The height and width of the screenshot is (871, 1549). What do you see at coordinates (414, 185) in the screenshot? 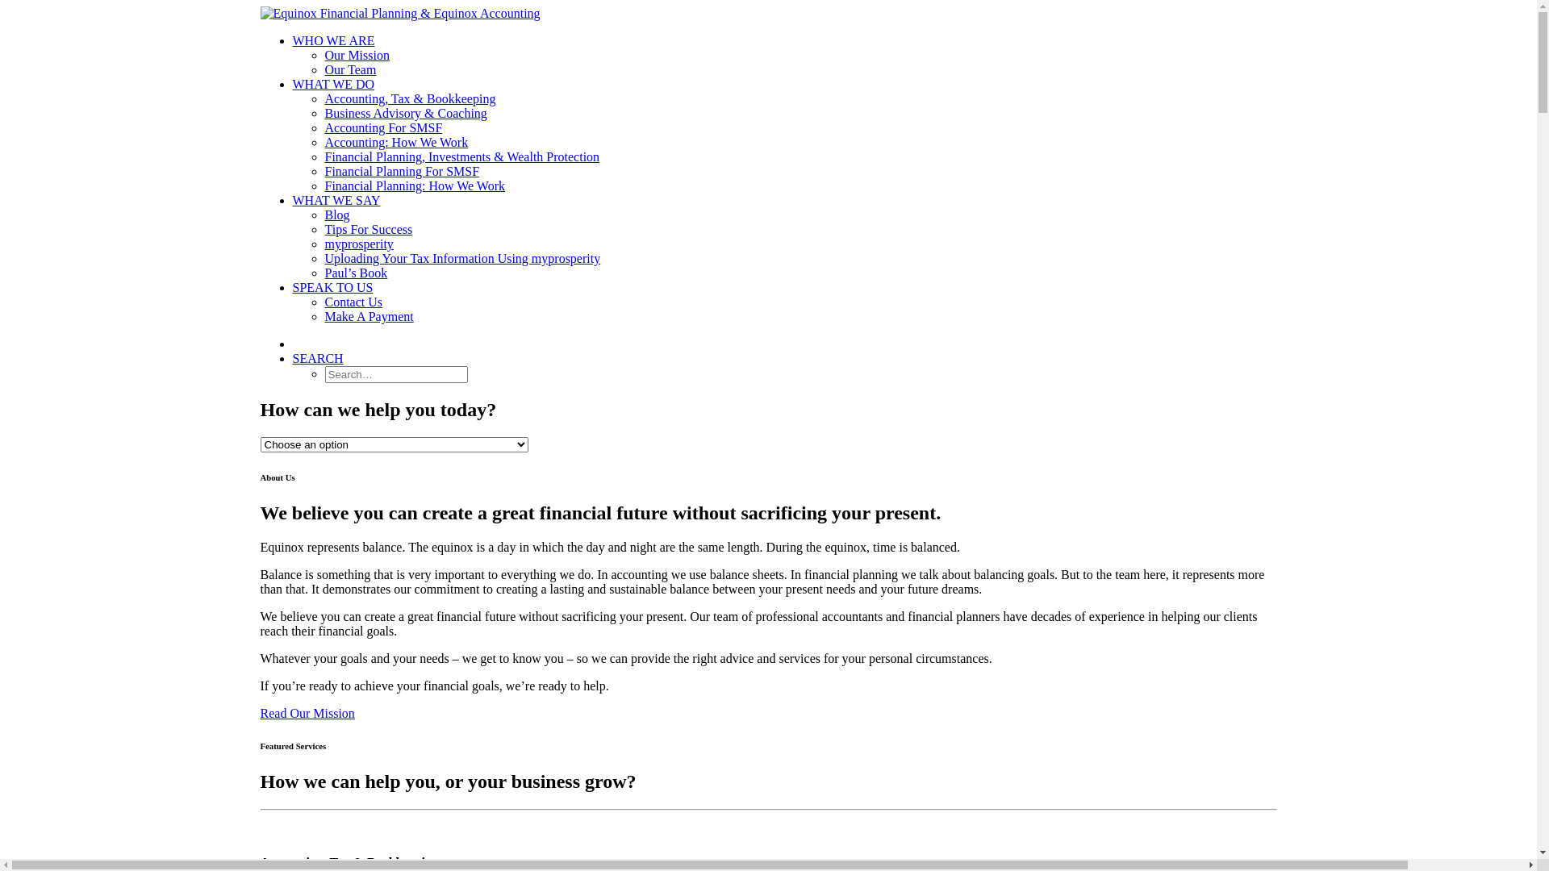
I see `'Financial Planning: How We Work'` at bounding box center [414, 185].